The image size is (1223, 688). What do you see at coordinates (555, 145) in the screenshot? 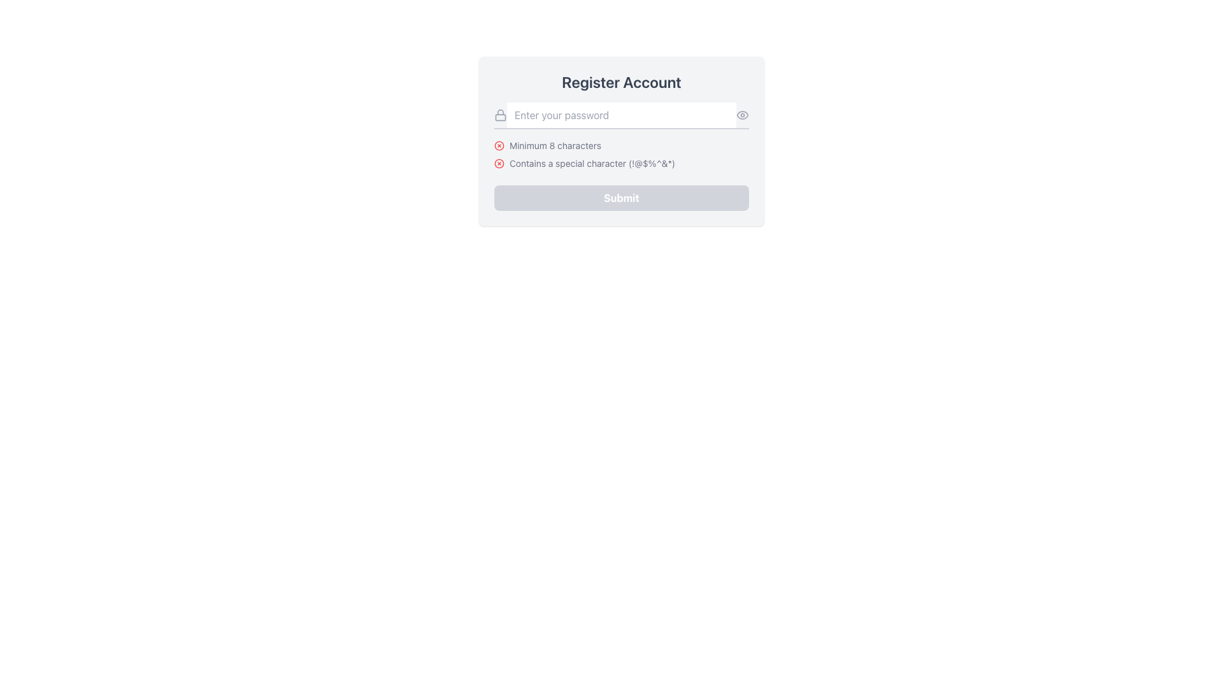
I see `the informative feedback text label indicating password requirements located below the password input field` at bounding box center [555, 145].